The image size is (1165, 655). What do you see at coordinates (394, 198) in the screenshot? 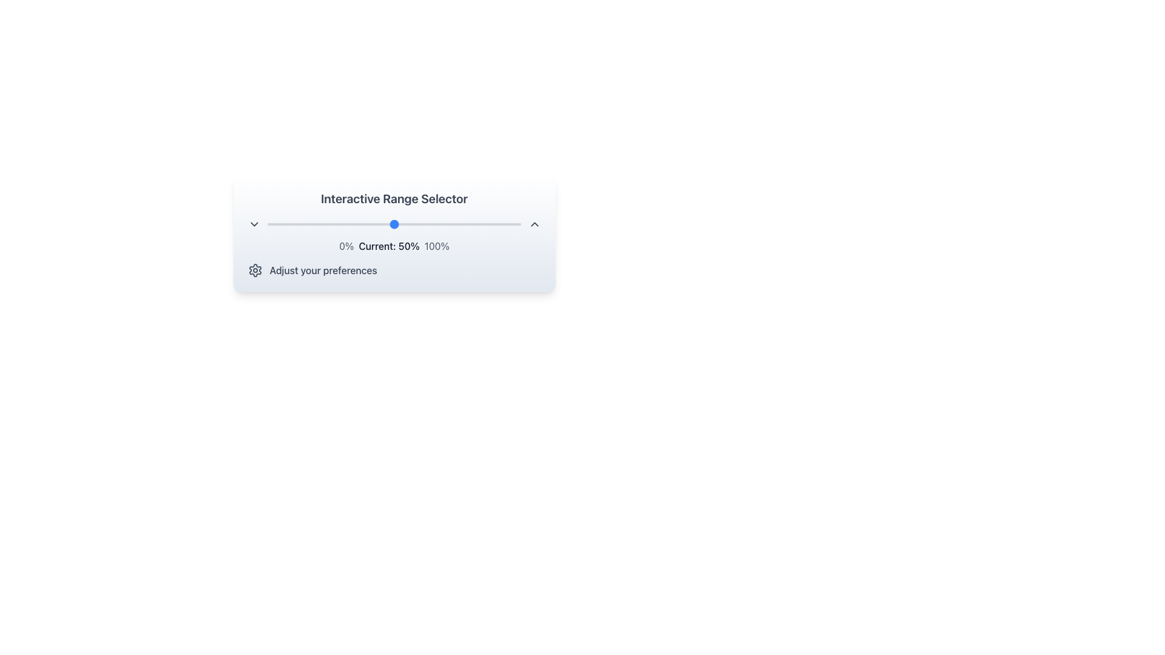
I see `the bold grayish text header displaying 'Interactive Range Selector' at the top of the card interface` at bounding box center [394, 198].